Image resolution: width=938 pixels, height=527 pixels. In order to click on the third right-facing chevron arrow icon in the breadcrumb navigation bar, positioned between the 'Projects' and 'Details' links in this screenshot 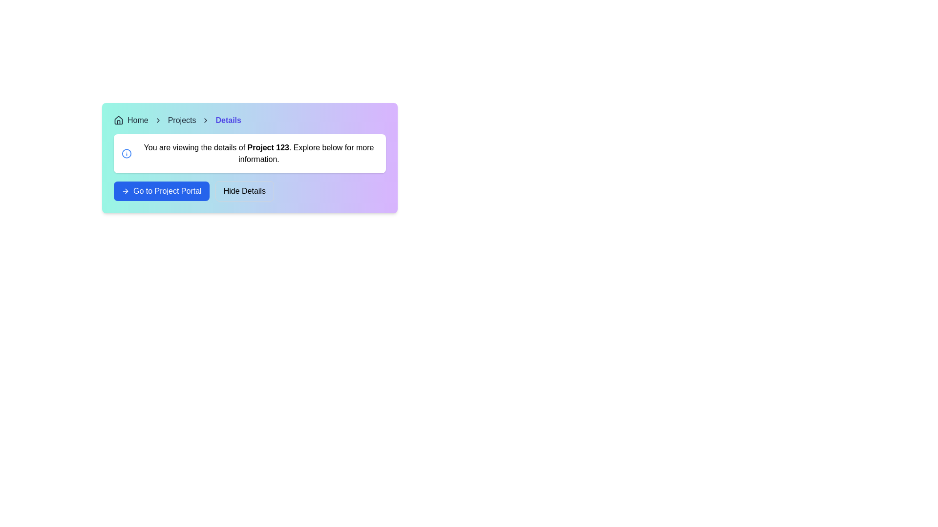, I will do `click(205, 120)`.